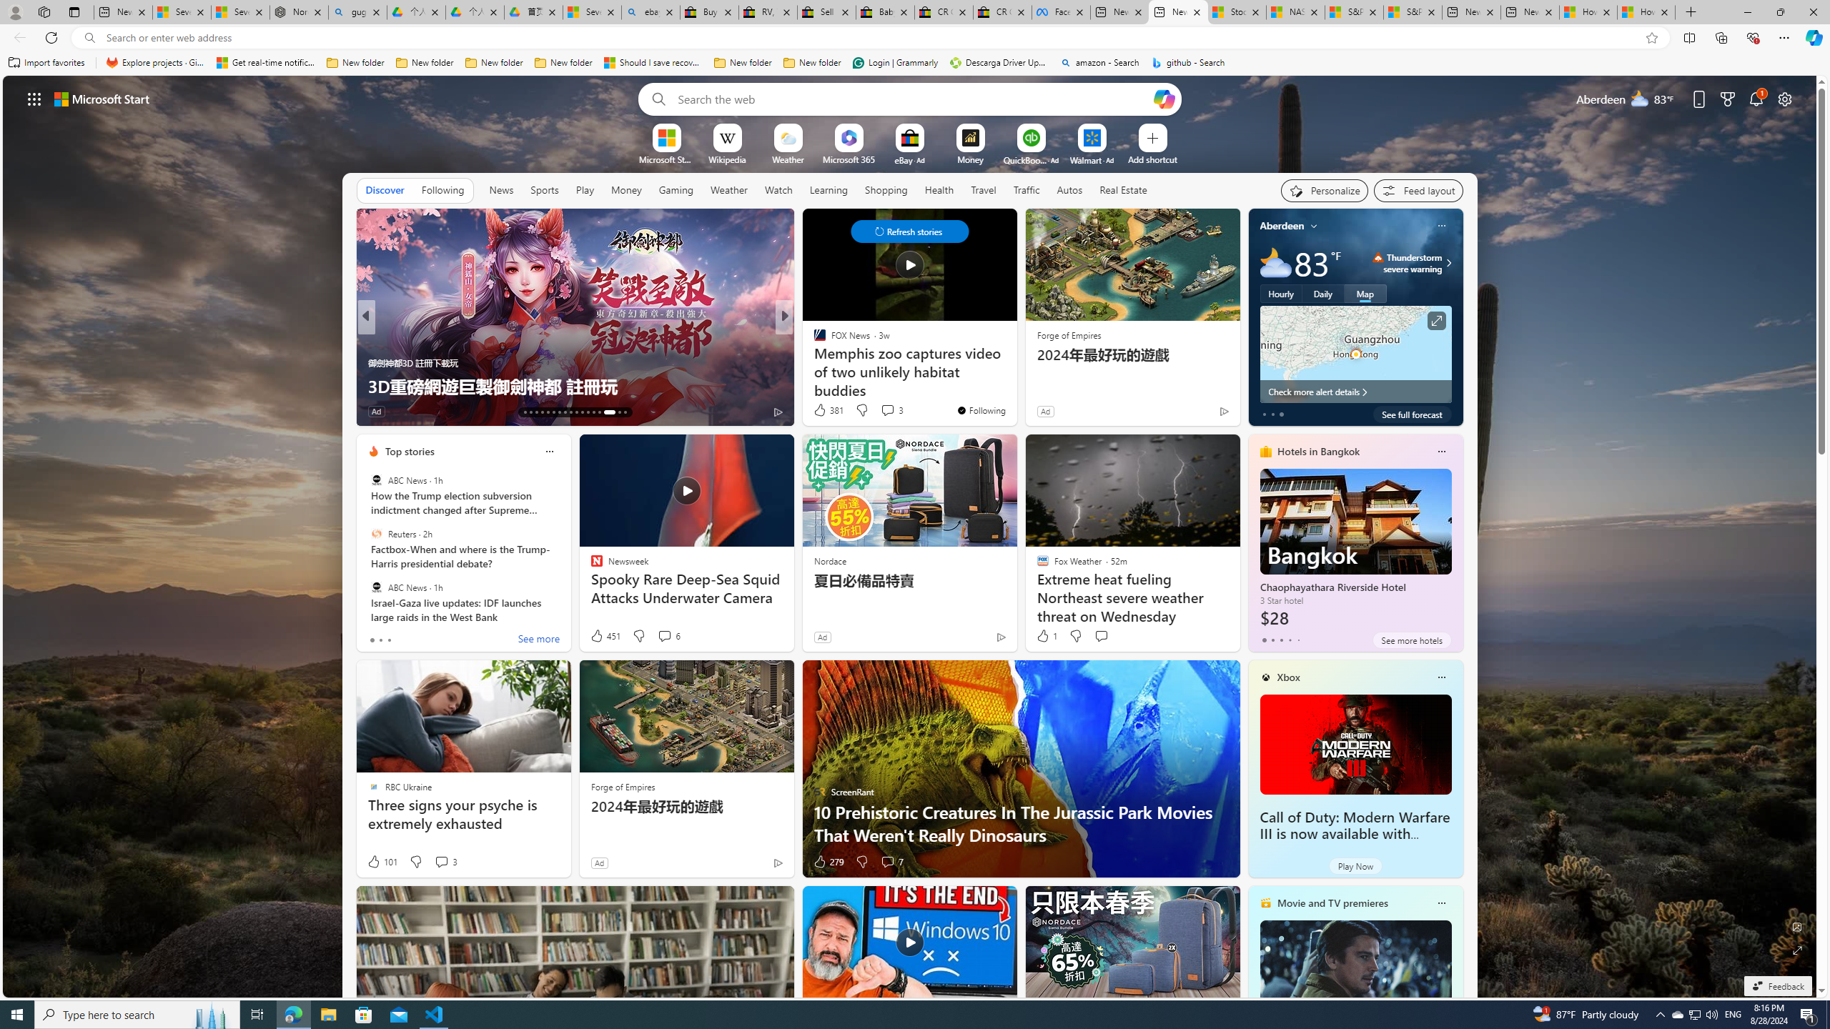  Describe the element at coordinates (593, 412) in the screenshot. I see `'AutomationID: tab-25'` at that location.